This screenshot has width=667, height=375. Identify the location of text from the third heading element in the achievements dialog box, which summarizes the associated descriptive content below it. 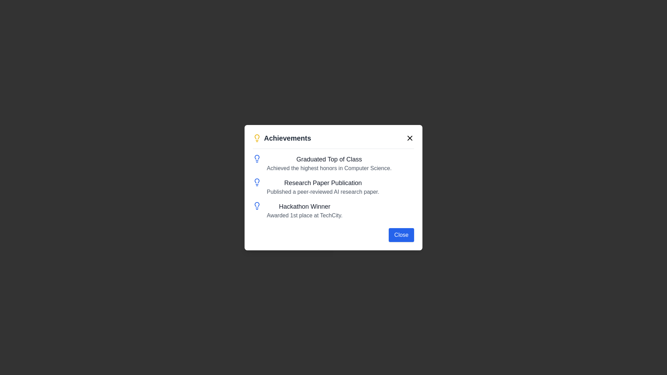
(304, 206).